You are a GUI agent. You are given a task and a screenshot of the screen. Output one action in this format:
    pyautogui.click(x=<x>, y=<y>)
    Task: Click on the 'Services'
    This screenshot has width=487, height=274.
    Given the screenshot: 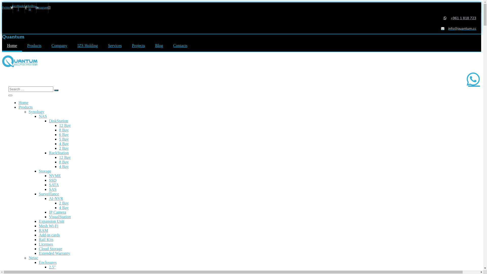 What is the action you would take?
    pyautogui.click(x=114, y=46)
    